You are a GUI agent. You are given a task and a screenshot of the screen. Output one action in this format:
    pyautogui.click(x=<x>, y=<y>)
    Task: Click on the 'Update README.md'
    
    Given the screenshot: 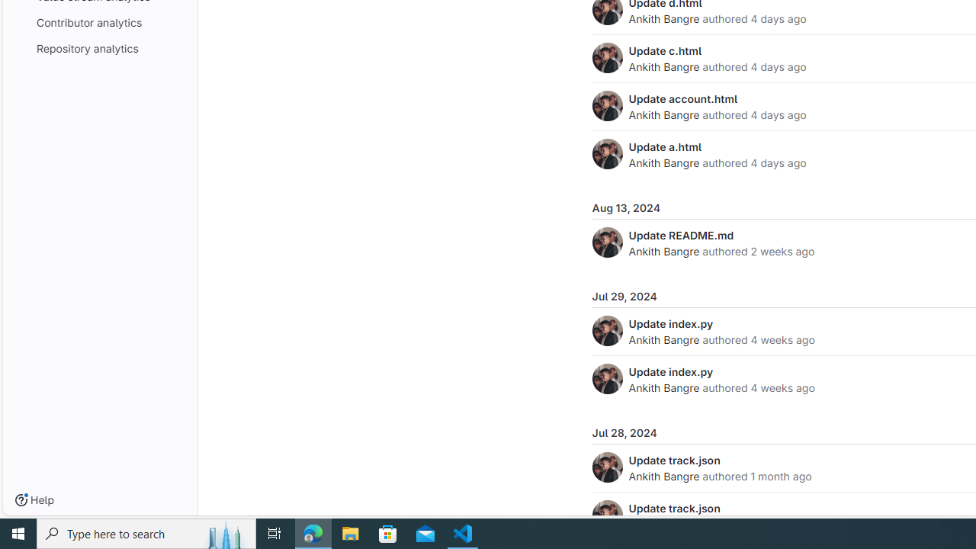 What is the action you would take?
    pyautogui.click(x=680, y=235)
    